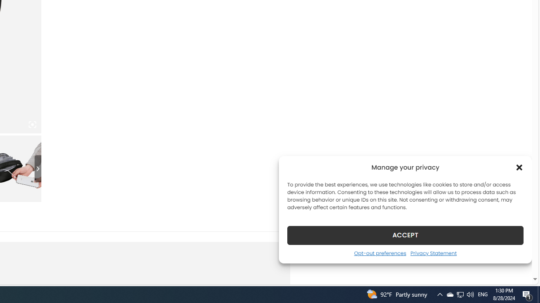  What do you see at coordinates (519, 167) in the screenshot?
I see `'Class: cmplz-close'` at bounding box center [519, 167].